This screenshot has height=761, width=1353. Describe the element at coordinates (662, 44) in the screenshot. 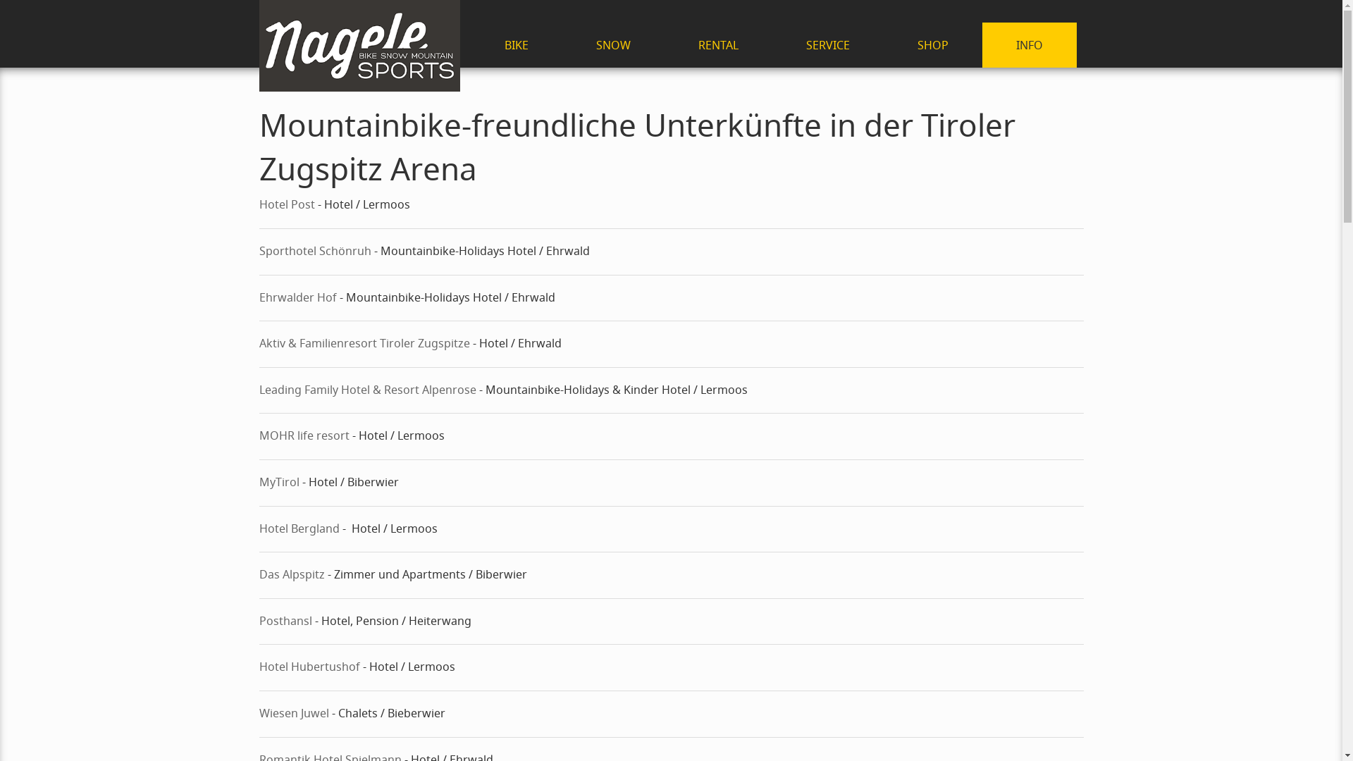

I see `'RENTAL'` at that location.